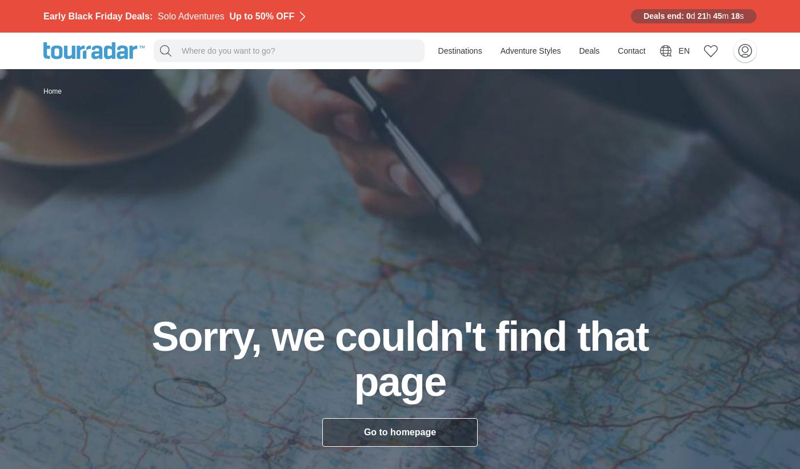 The width and height of the screenshot is (800, 469). Describe the element at coordinates (500, 50) in the screenshot. I see `'Adventure Styles'` at that location.